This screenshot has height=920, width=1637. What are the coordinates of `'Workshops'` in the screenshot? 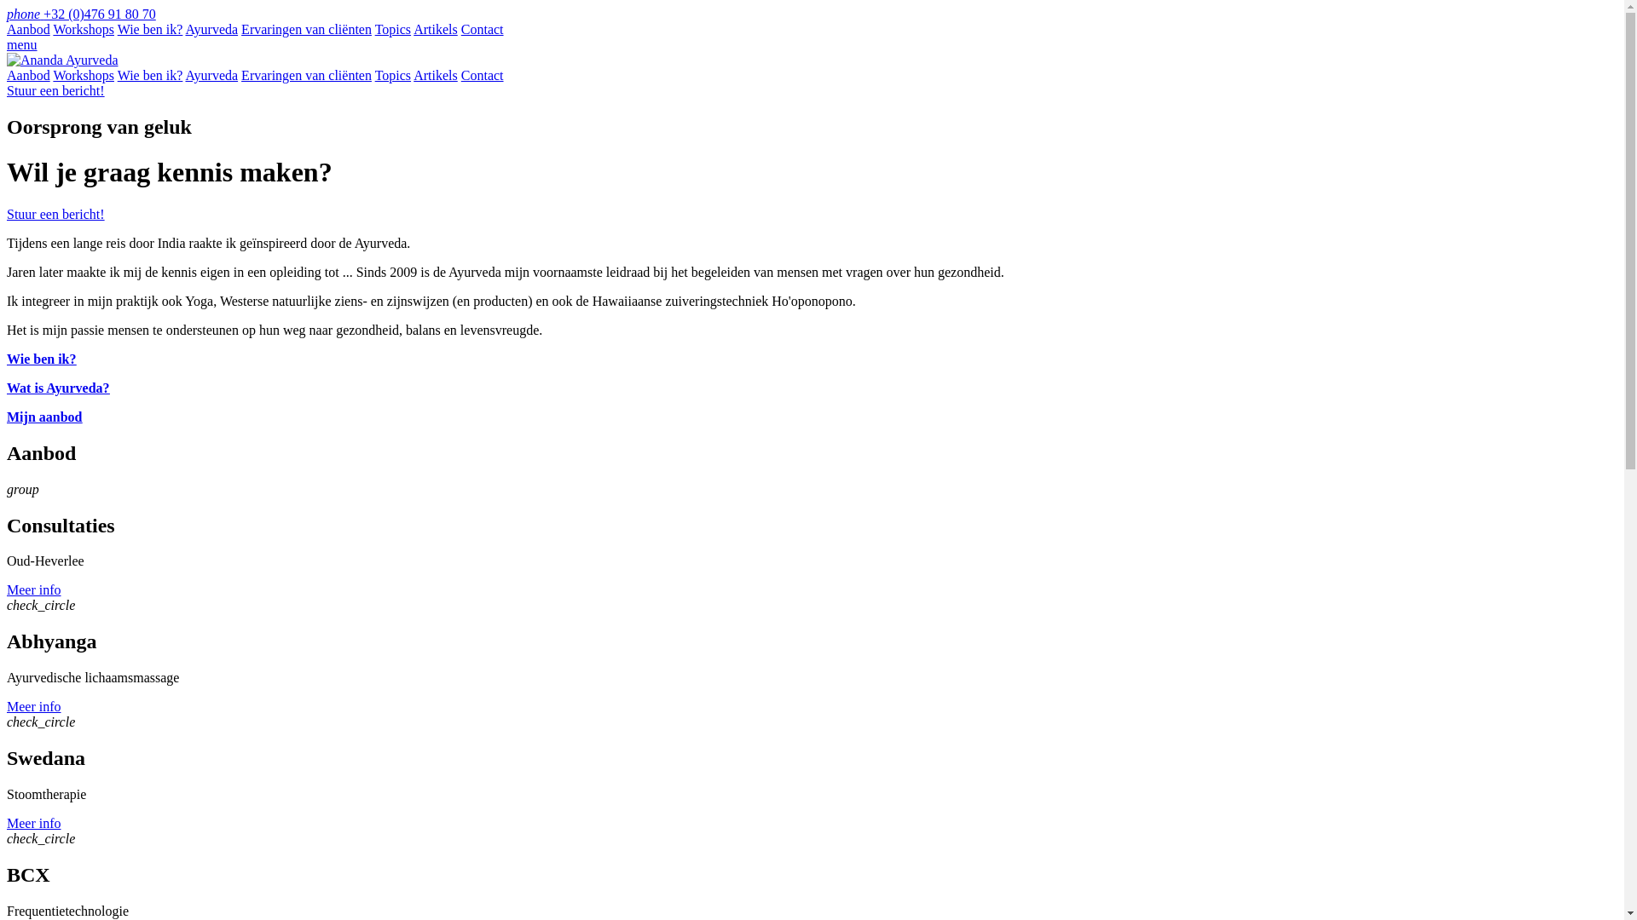 It's located at (82, 29).